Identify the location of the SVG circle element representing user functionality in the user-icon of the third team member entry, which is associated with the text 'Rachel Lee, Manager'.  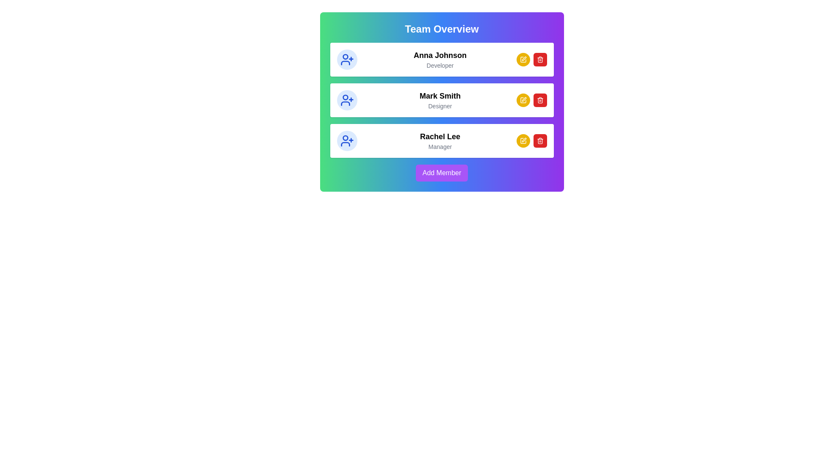
(345, 138).